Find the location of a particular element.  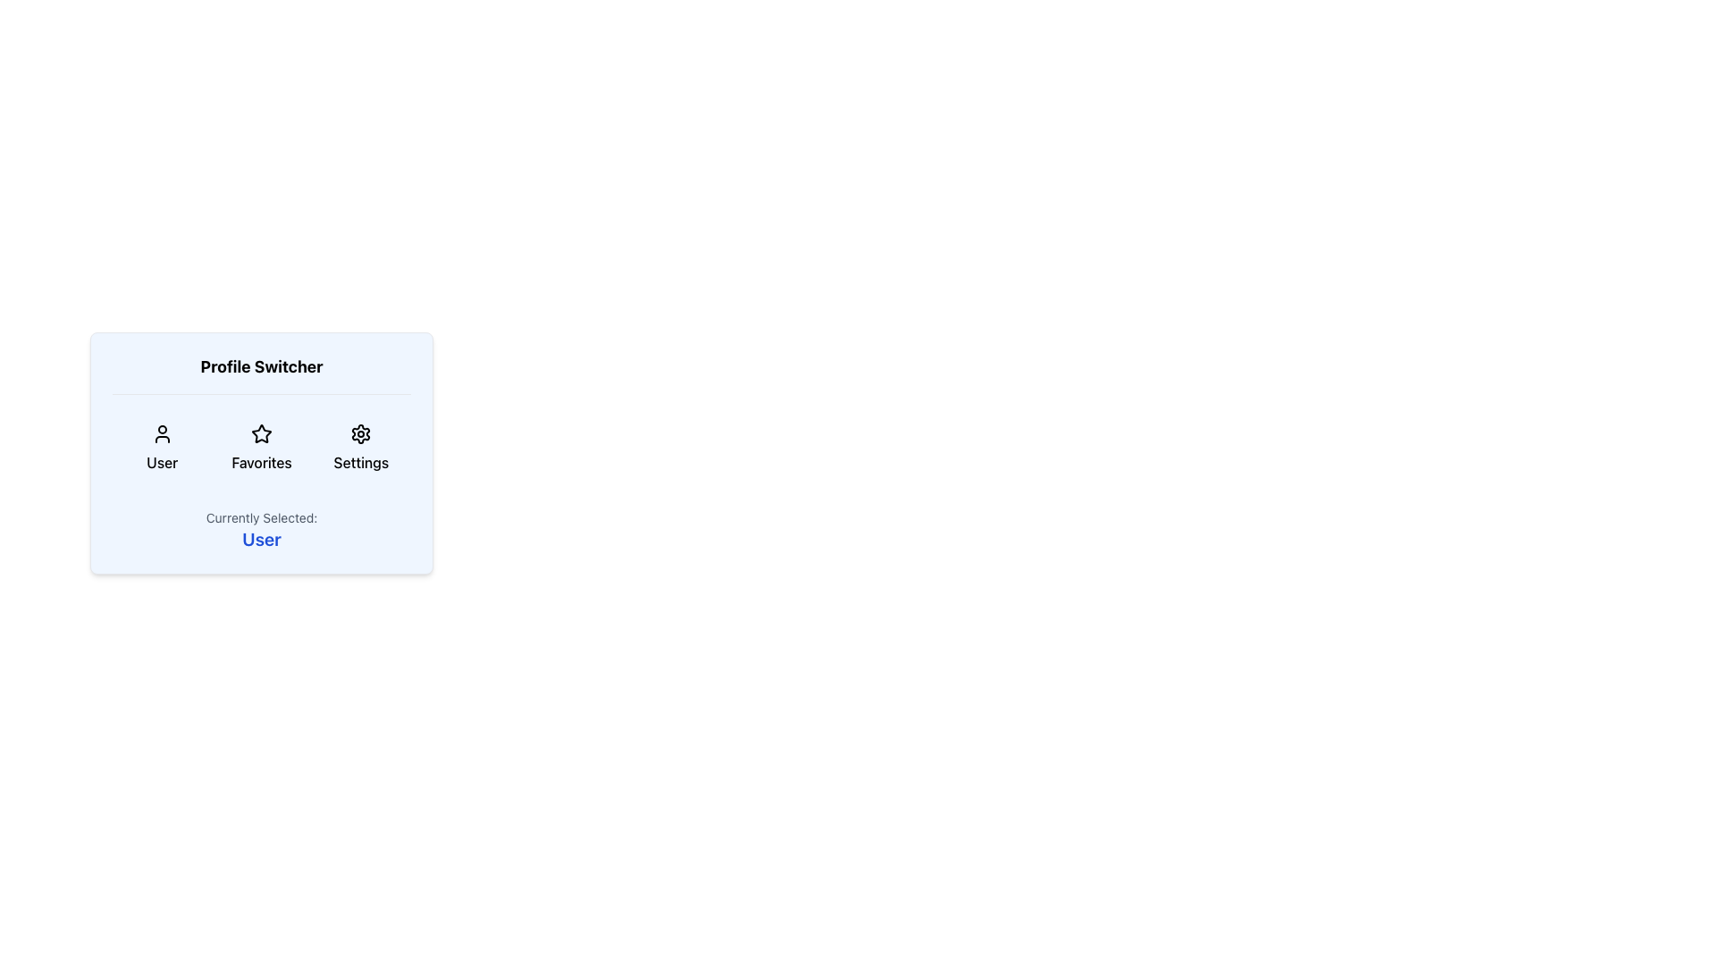

the user profile icon located on the left side of the horizontal list of icons within the 'Profile Switcher' interface is located at coordinates (162, 434).